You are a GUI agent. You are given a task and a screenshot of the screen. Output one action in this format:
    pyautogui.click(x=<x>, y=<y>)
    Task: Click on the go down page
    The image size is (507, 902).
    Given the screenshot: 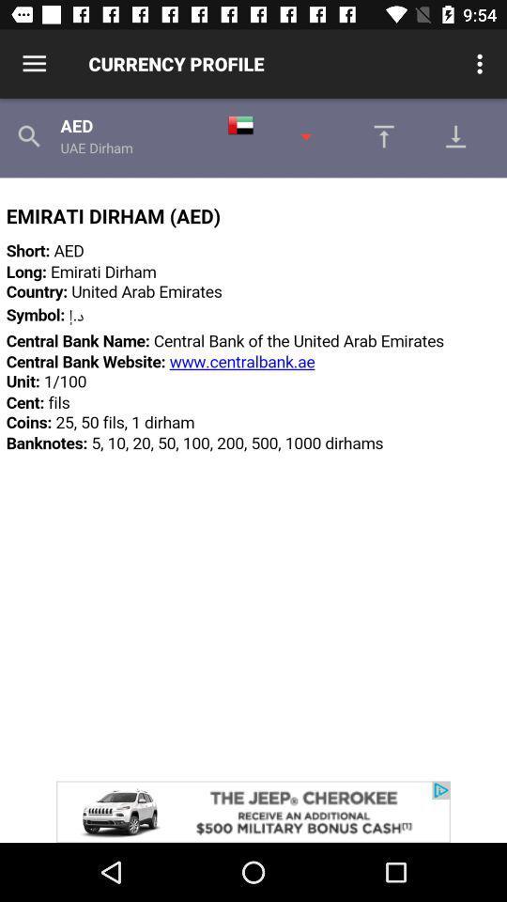 What is the action you would take?
    pyautogui.click(x=460, y=135)
    